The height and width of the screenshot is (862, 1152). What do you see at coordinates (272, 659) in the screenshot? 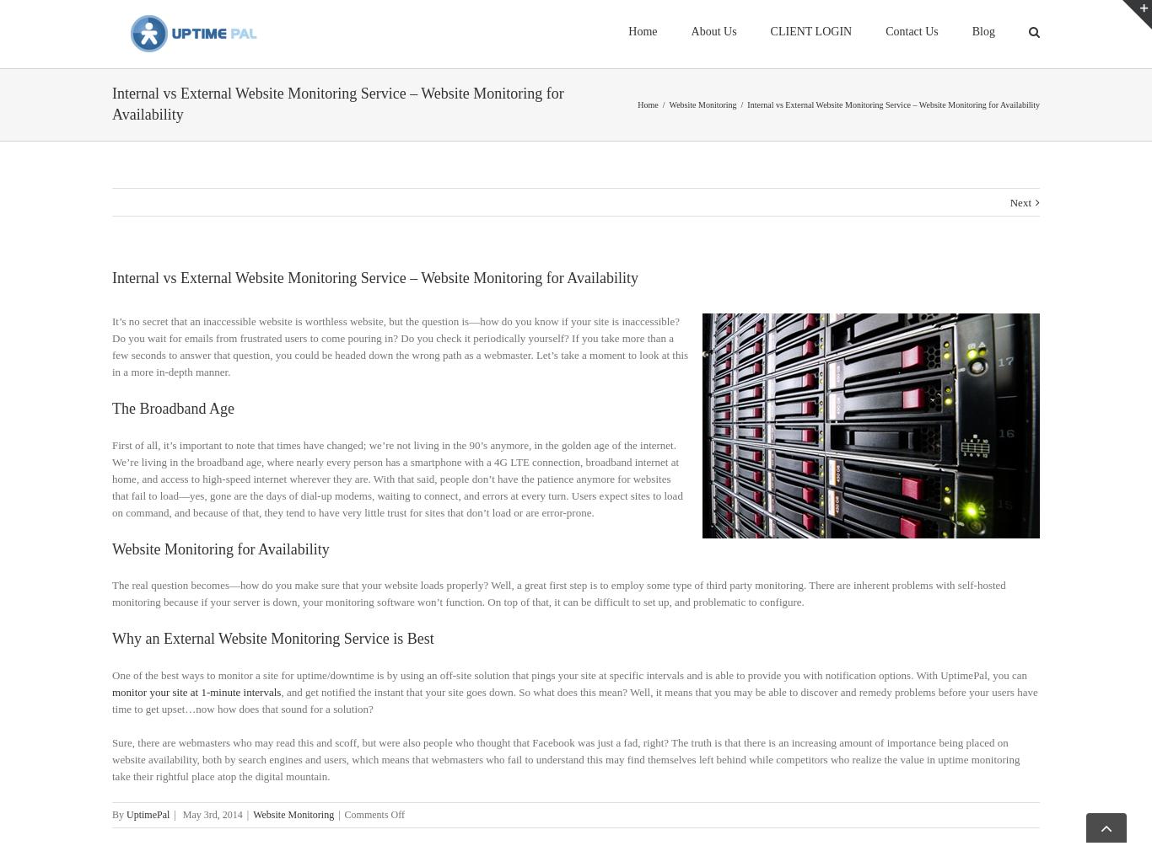
I see `'Why an External Website Monitoring Service is Best'` at bounding box center [272, 659].